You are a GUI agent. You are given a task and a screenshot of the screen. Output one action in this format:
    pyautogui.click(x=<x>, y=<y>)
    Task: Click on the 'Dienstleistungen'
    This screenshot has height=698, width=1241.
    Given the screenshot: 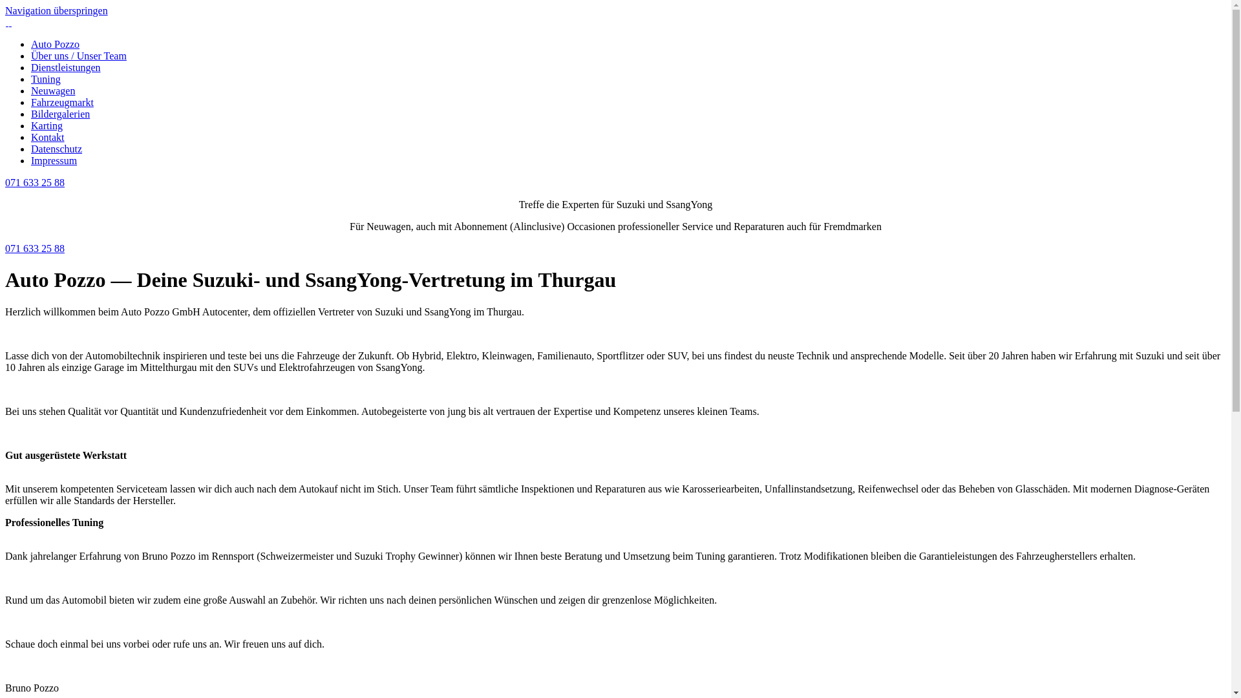 What is the action you would take?
    pyautogui.click(x=65, y=67)
    